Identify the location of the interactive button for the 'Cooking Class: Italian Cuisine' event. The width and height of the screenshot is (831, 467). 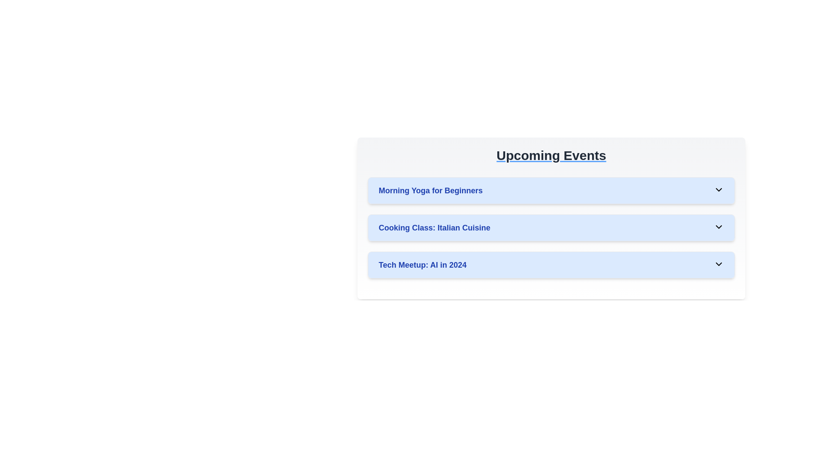
(551, 227).